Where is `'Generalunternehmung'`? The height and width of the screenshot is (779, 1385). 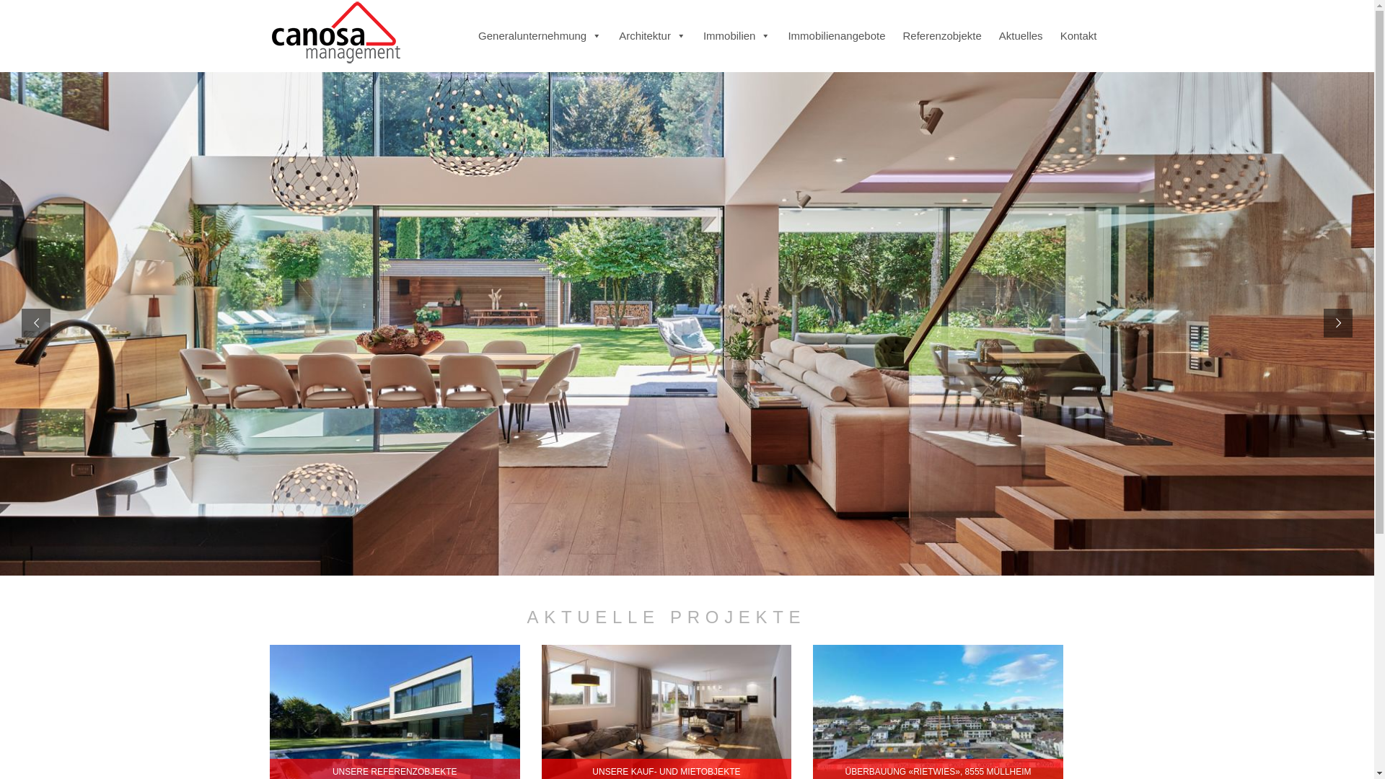
'Generalunternehmung' is located at coordinates (539, 35).